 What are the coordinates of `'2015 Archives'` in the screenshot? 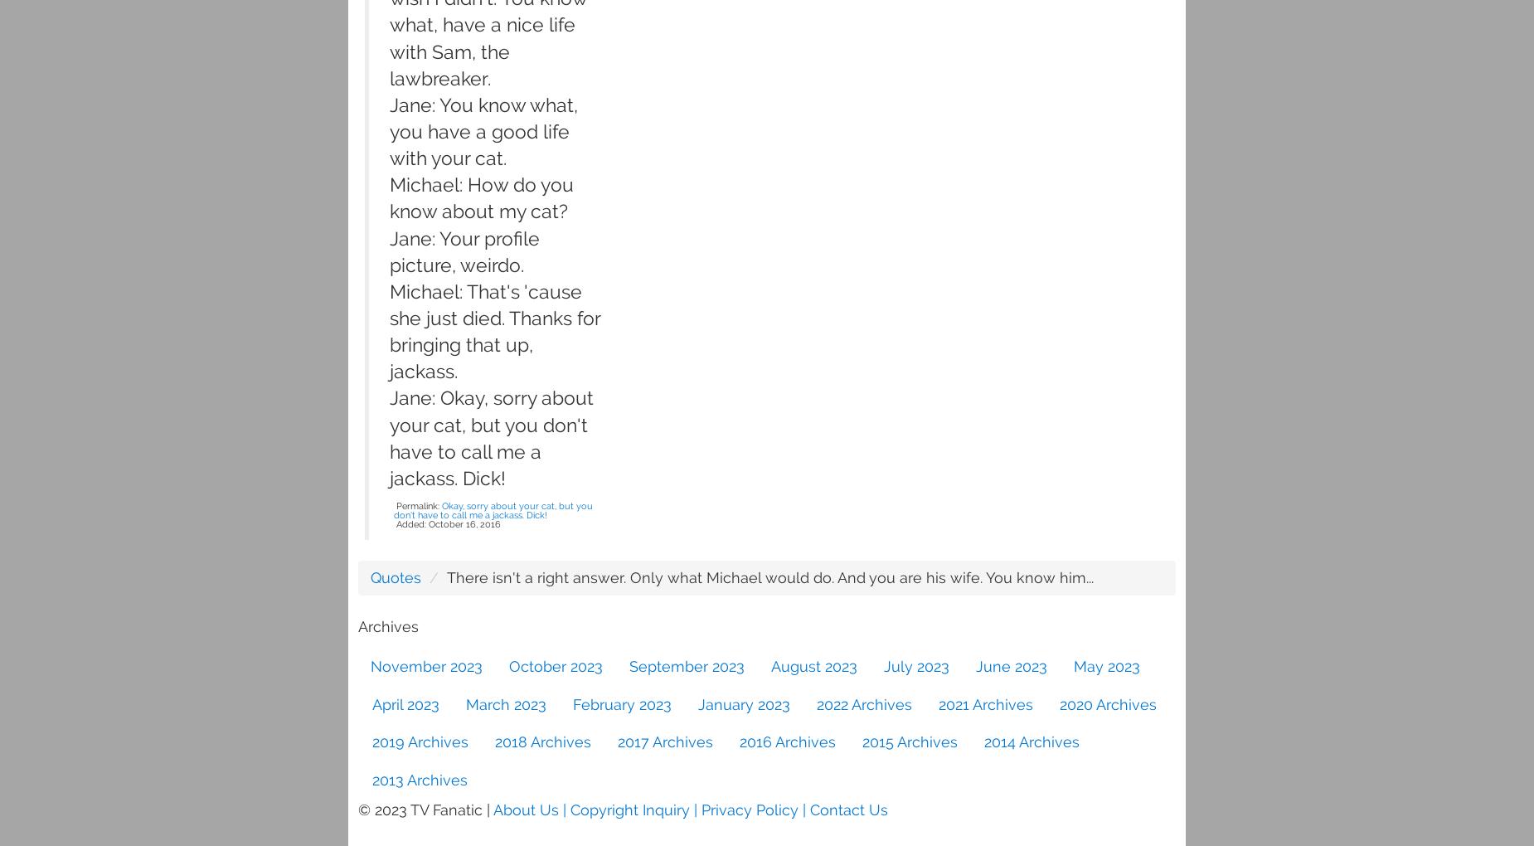 It's located at (909, 741).